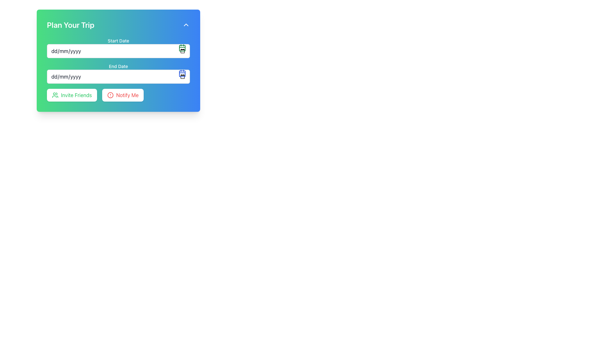  I want to click on the invite friends button located at the bottom left corner of the 'Plan Your Trip' card, so click(72, 95).